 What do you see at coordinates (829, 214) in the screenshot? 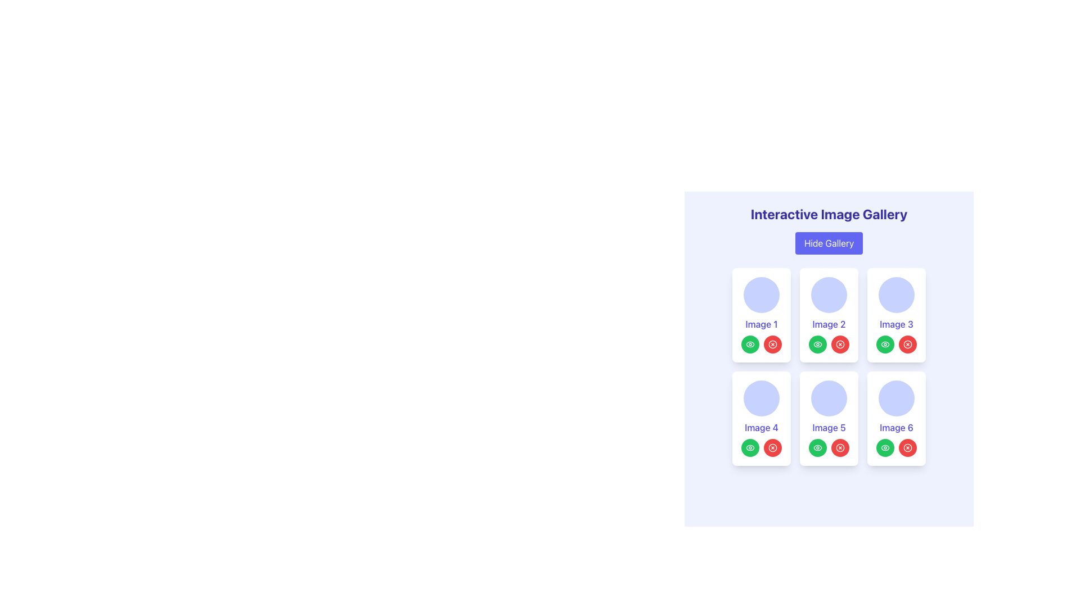
I see `the text label that reads 'Interactive Image Gallery', which is styled in bold, large font and centered at the top of its section` at bounding box center [829, 214].